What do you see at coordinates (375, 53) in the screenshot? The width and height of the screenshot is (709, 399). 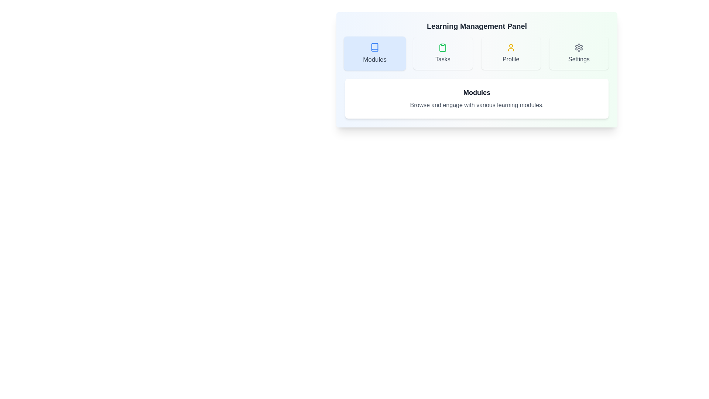 I see `the Modules tab to navigate` at bounding box center [375, 53].